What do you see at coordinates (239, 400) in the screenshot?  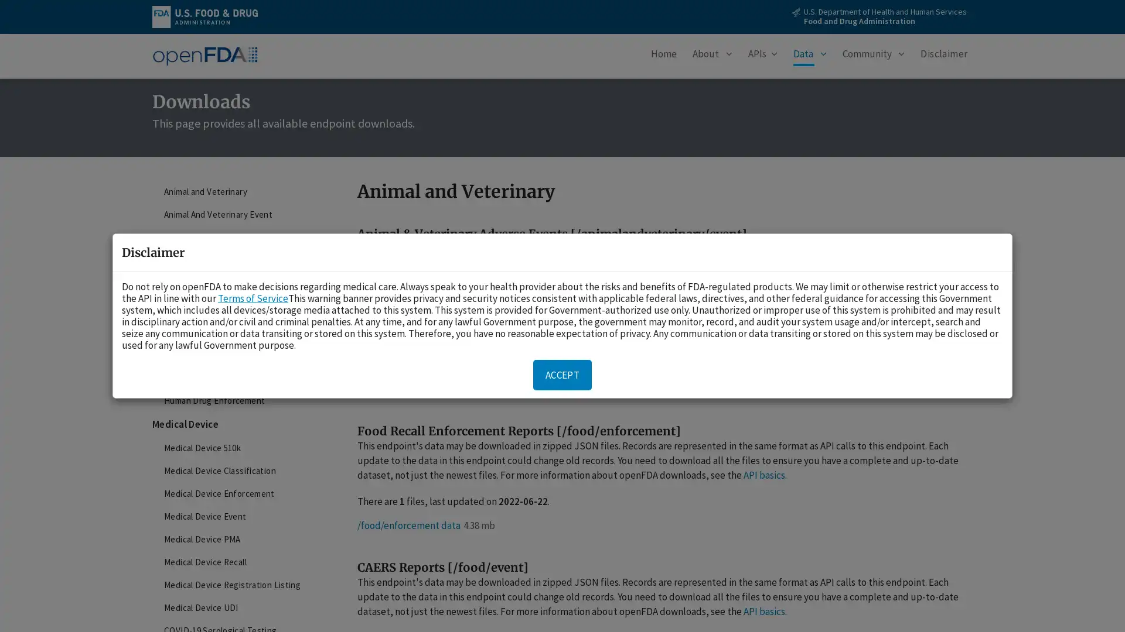 I see `Human Drug Enforcement` at bounding box center [239, 400].